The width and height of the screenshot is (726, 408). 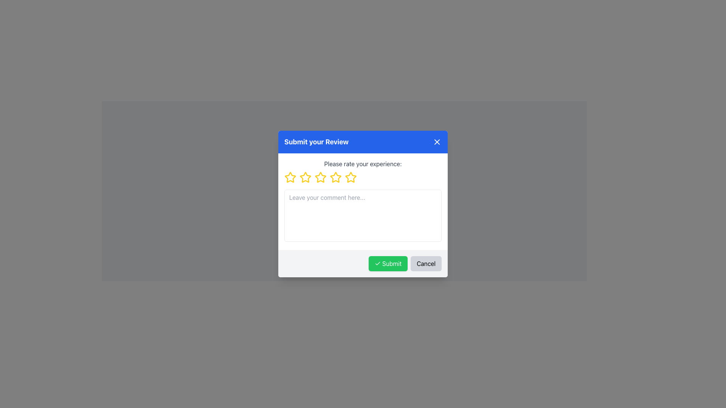 I want to click on the close icon located in the top-right corner of the modal dialog's blue header bar, so click(x=437, y=142).